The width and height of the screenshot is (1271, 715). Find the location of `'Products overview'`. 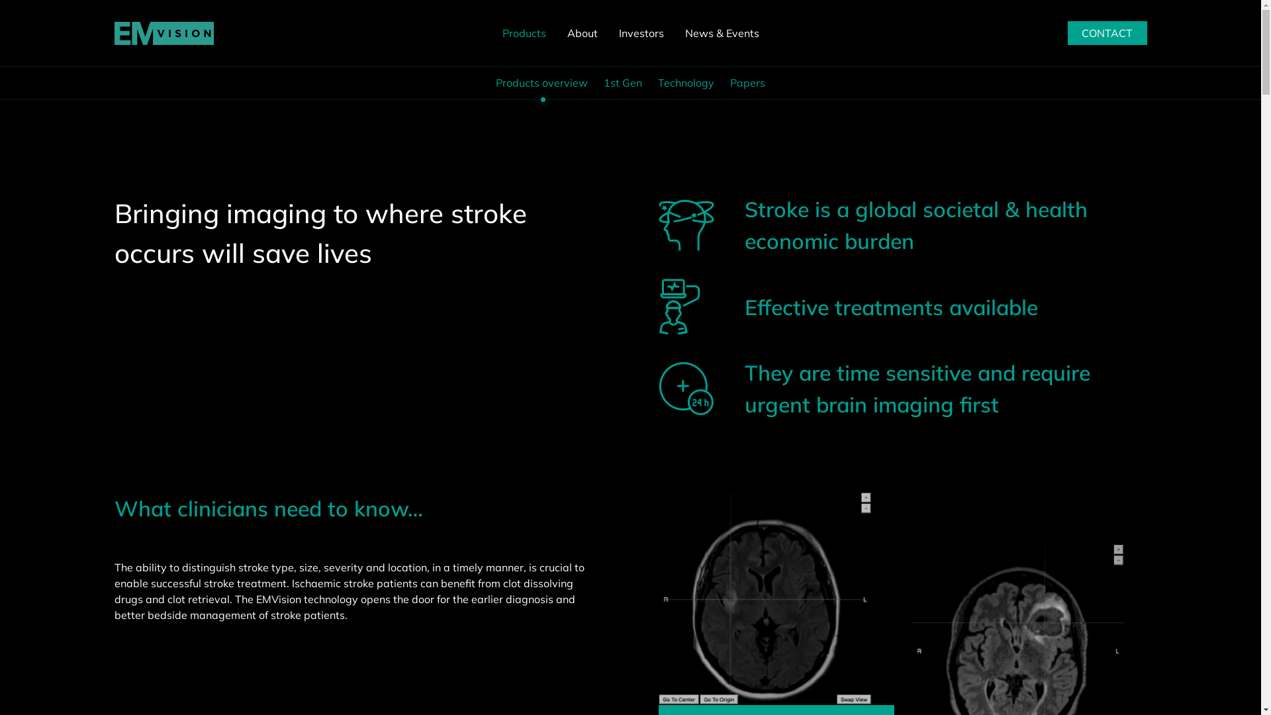

'Products overview' is located at coordinates (541, 82).